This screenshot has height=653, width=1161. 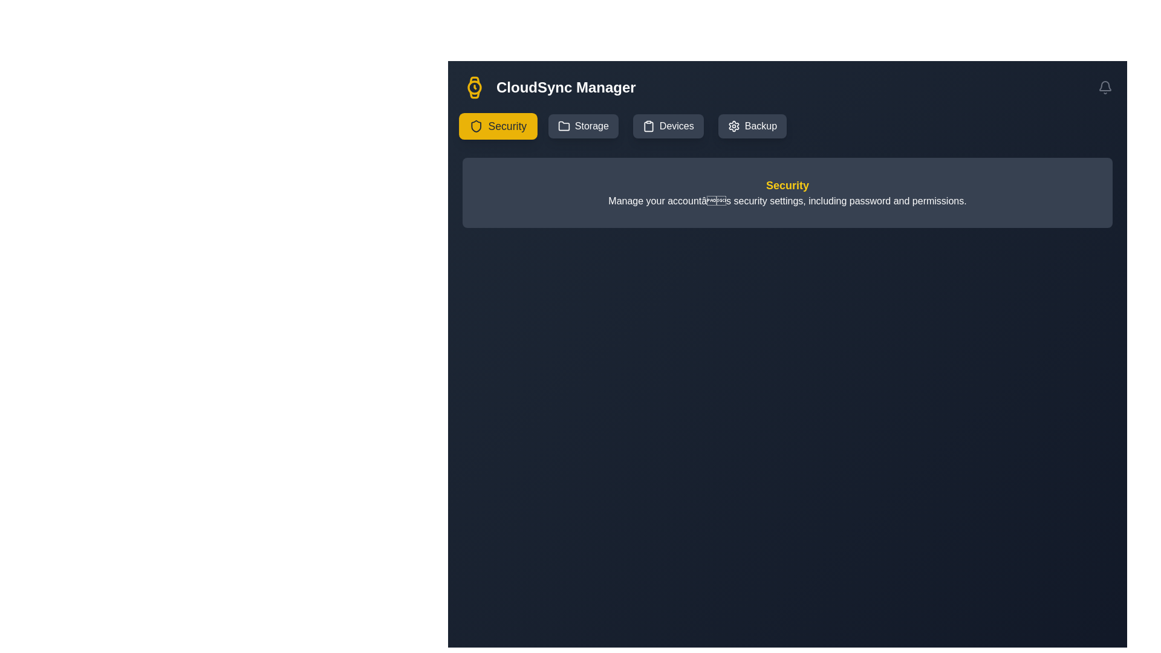 I want to click on the descriptive text block about 'Security' settings, which is located directly below the 'Security' heading and aligns centrally in the section, so click(x=787, y=200).